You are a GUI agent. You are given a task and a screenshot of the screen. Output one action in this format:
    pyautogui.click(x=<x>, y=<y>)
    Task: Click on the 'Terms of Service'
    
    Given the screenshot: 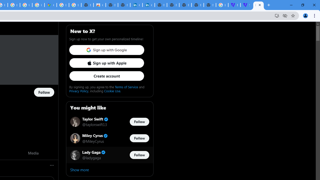 What is the action you would take?
    pyautogui.click(x=126, y=86)
    